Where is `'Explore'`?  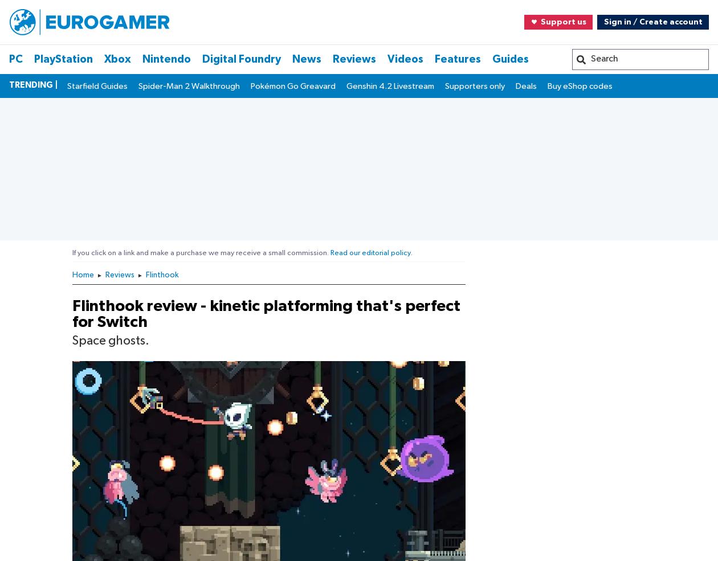 'Explore' is located at coordinates (46, 313).